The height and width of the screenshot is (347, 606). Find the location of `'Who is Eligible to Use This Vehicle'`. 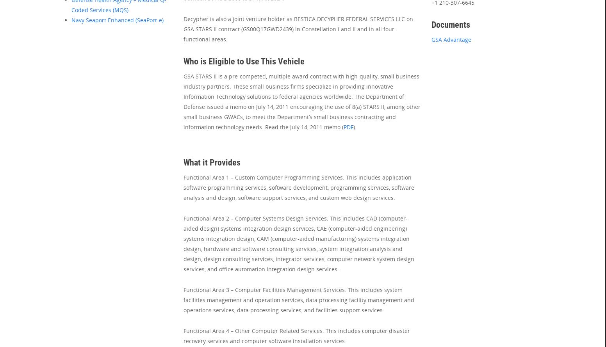

'Who is Eligible to Use This Vehicle' is located at coordinates (244, 61).